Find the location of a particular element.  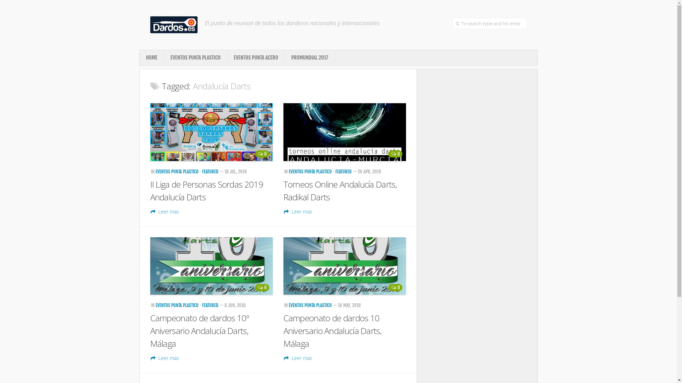

'EVENTOS PUNTA ACERO' is located at coordinates (256, 57).